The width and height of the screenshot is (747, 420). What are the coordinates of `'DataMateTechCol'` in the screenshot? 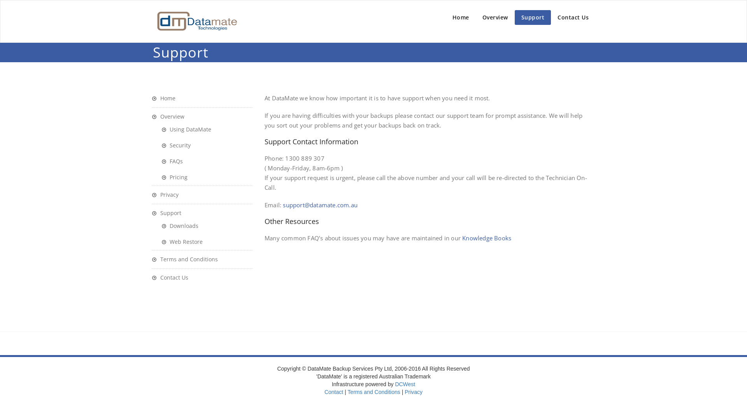 It's located at (196, 21).